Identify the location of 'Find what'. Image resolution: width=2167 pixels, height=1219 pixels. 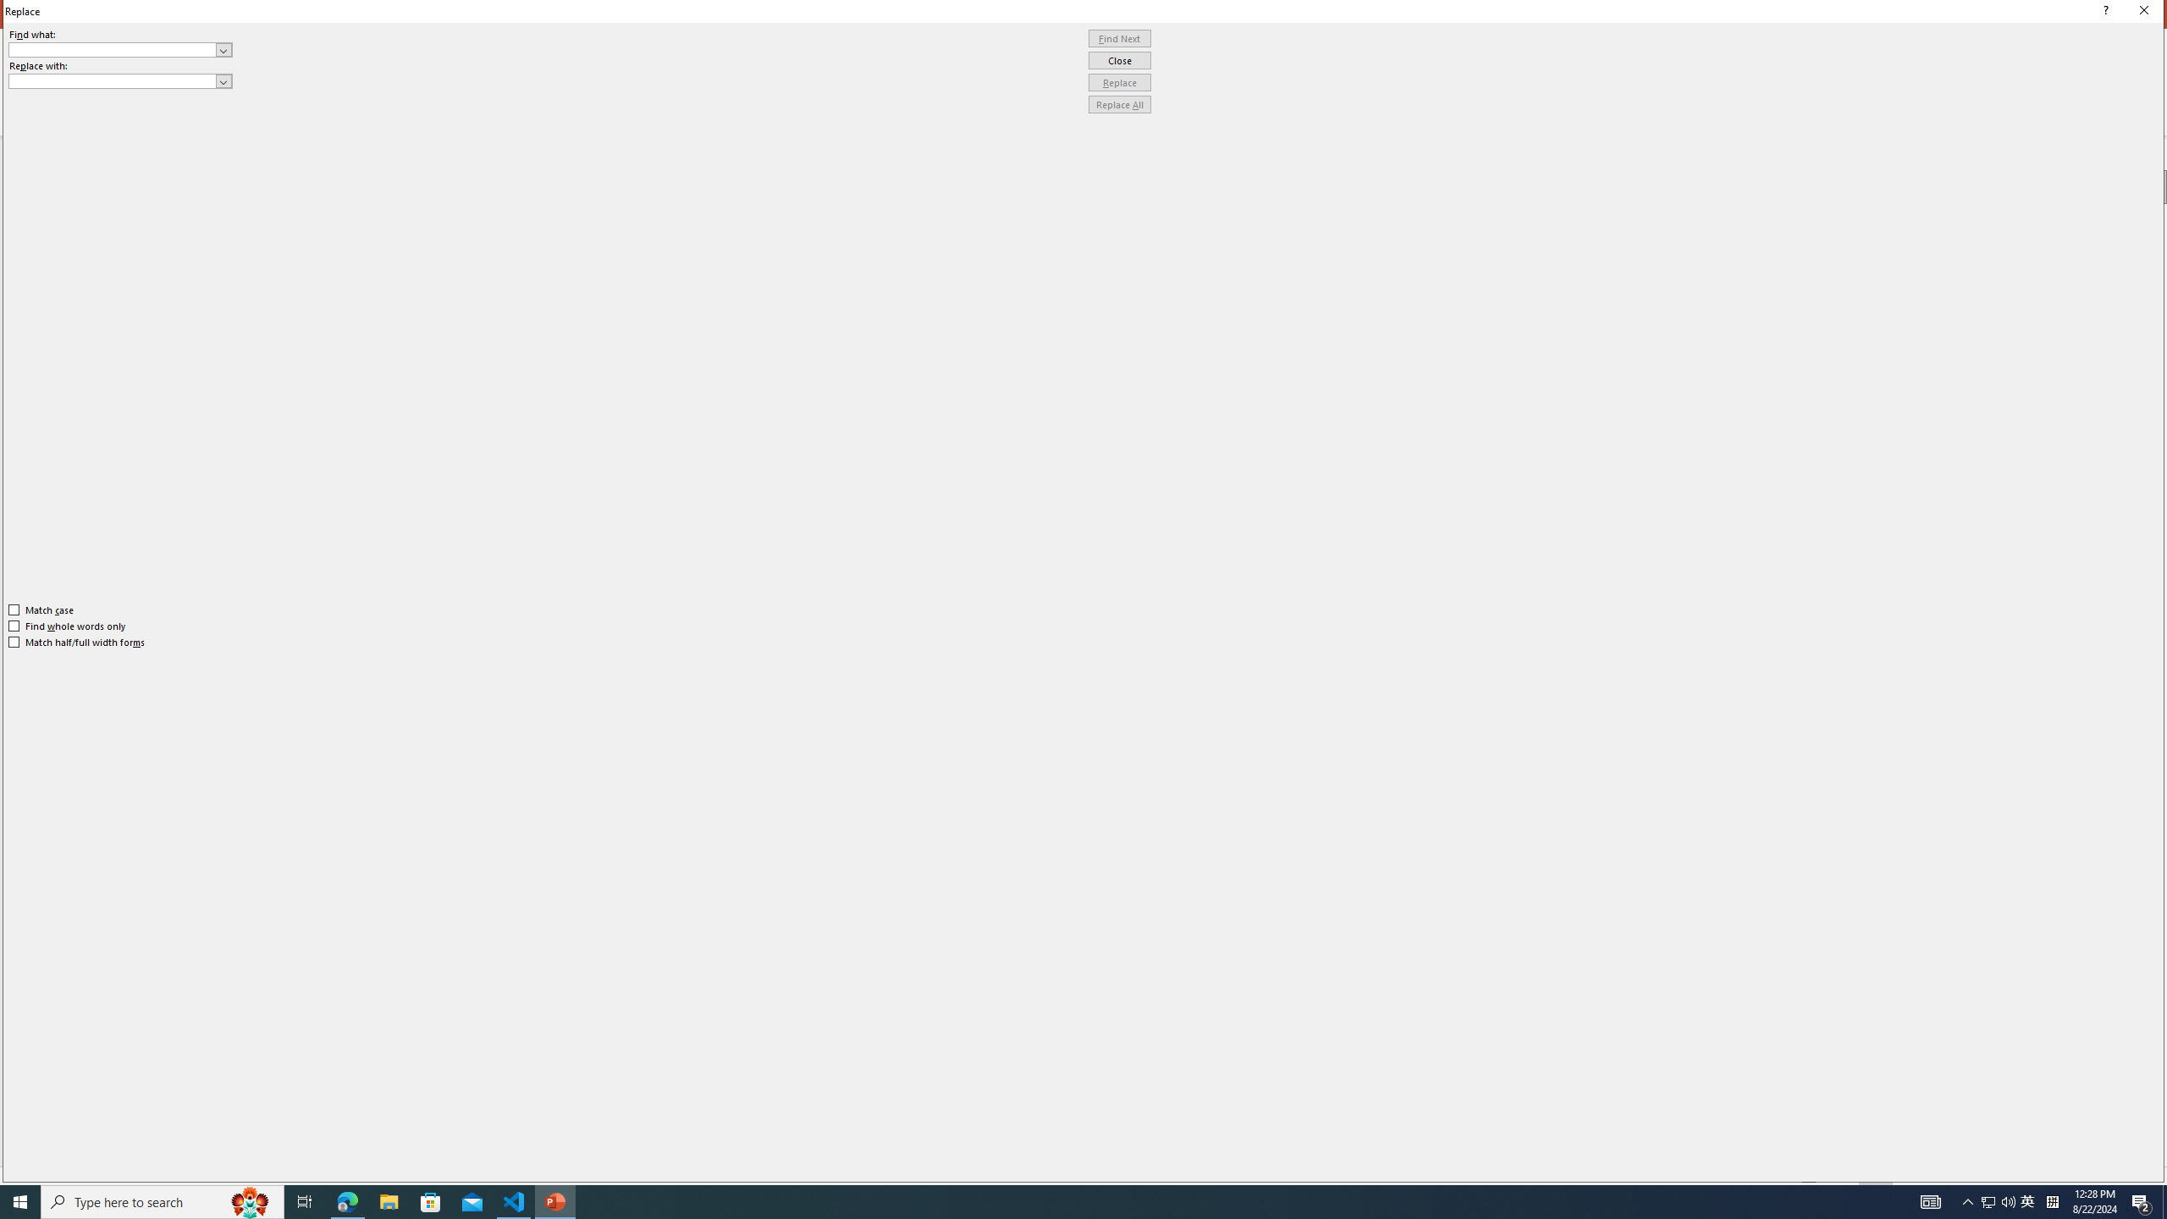
(113, 49).